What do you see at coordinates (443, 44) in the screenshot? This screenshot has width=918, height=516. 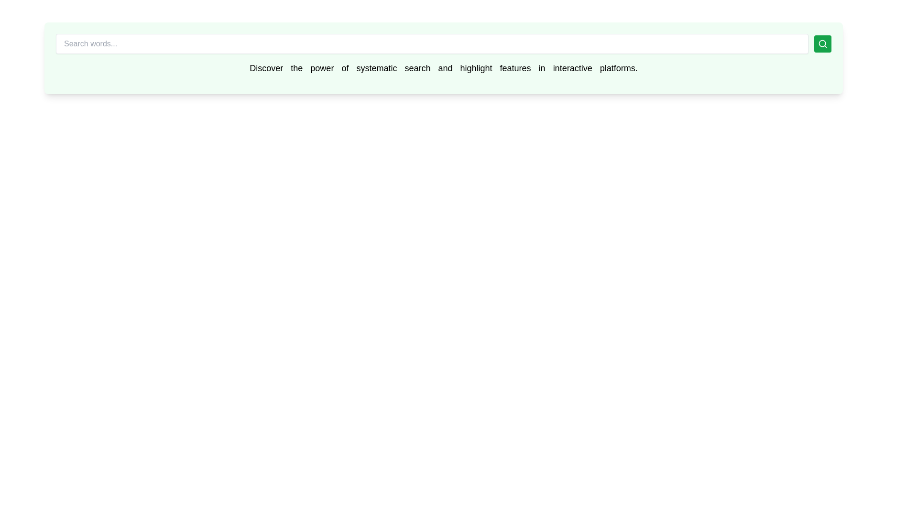 I see `the green button adjacent to the search bar to initiate the search action` at bounding box center [443, 44].